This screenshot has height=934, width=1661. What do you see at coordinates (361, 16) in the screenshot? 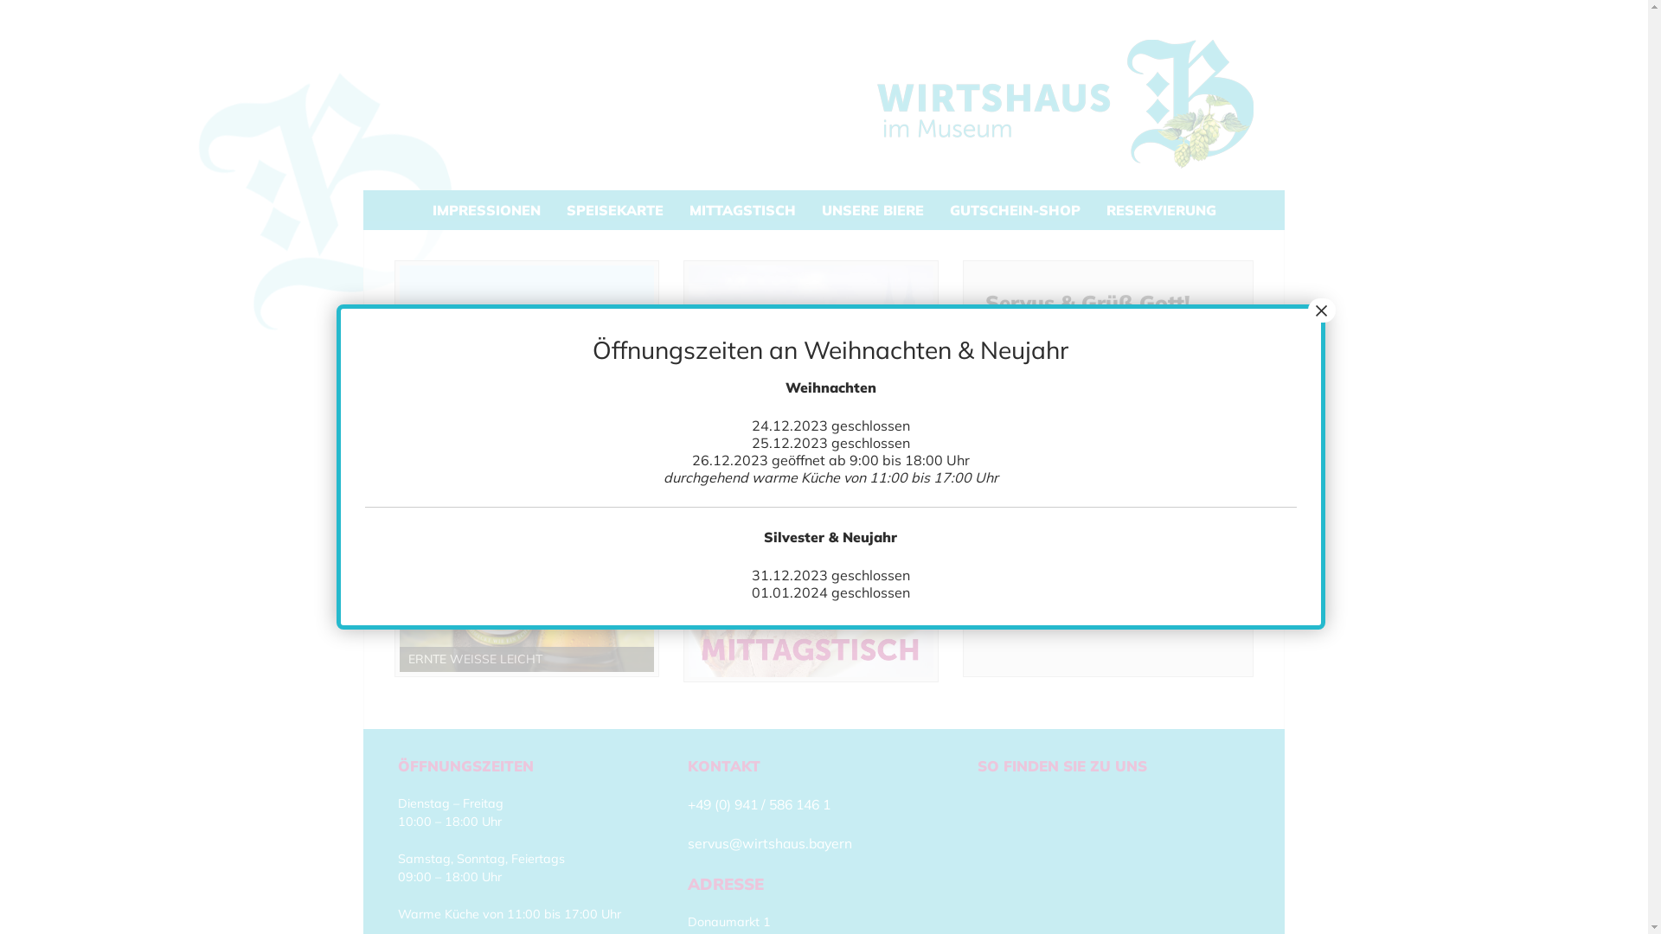
I see `'Zum Inhalt springen'` at bounding box center [361, 16].